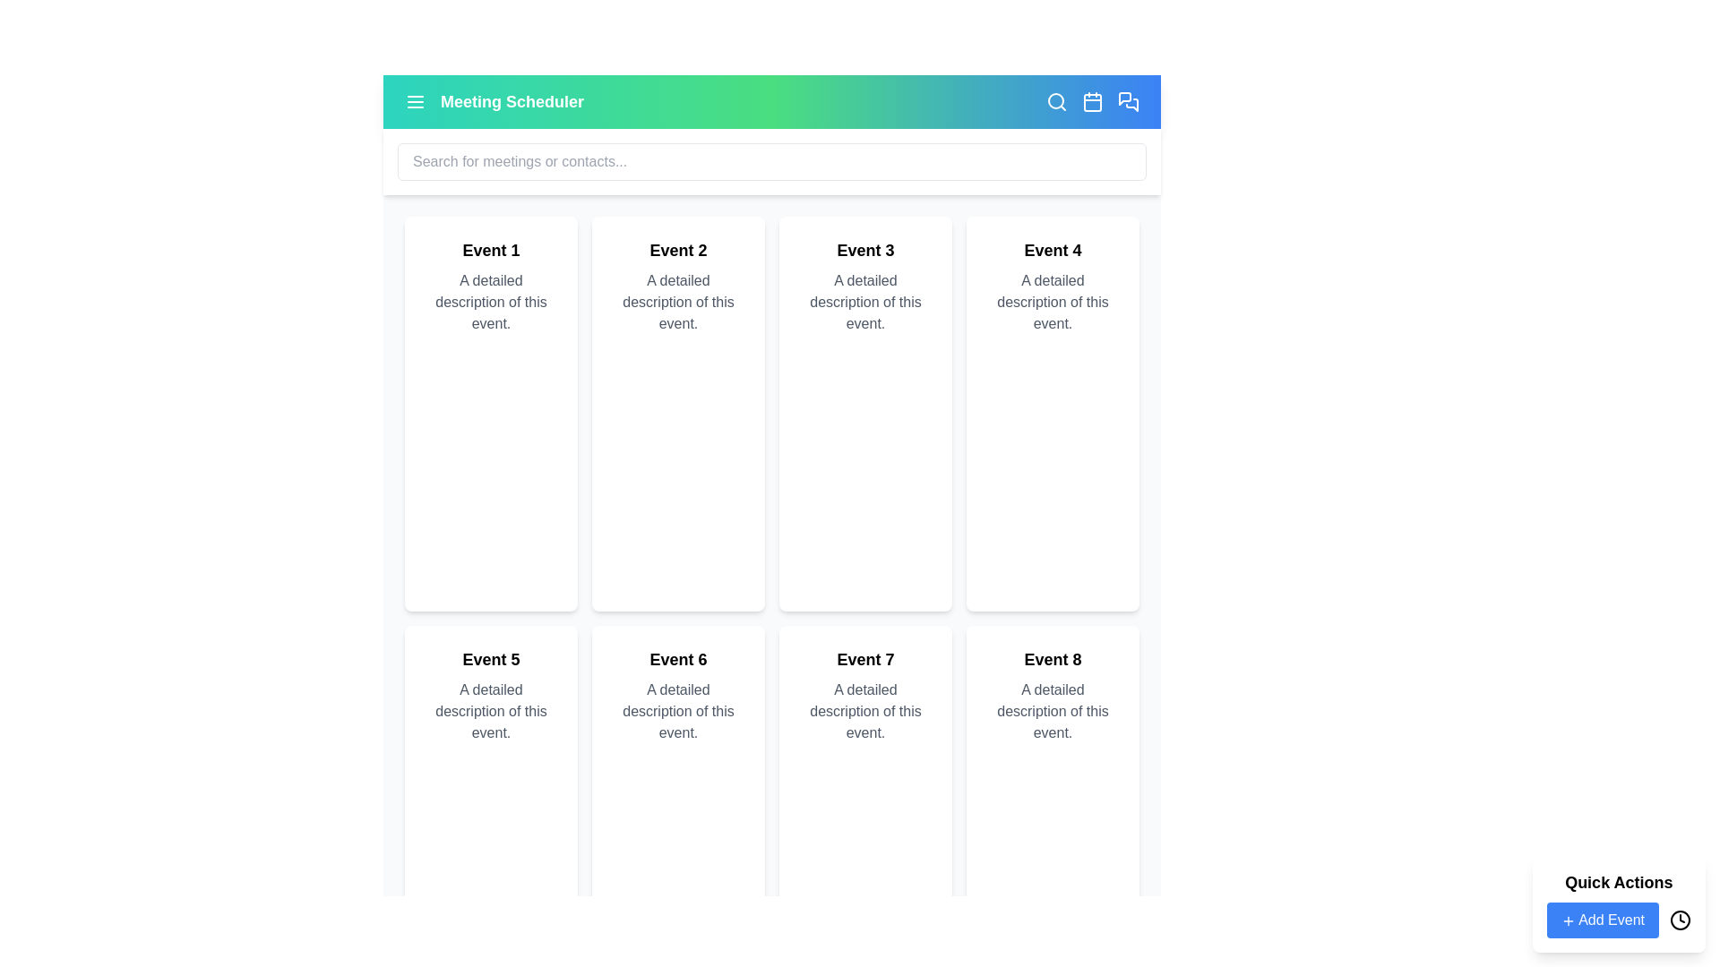  I want to click on bold text label 'Event 6' located at the top of its card in the second row and third column of the grid layout, so click(677, 659).